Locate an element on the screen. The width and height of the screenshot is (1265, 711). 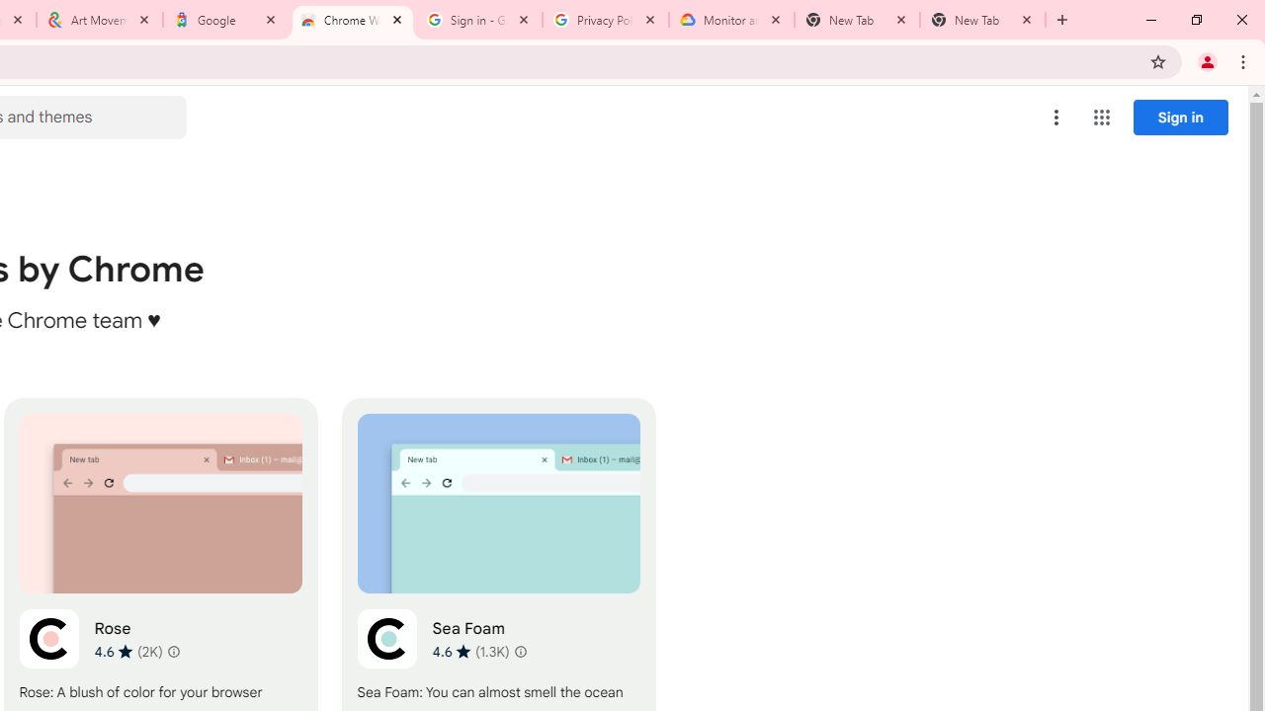
'Sign in - Google Accounts' is located at coordinates (479, 20).